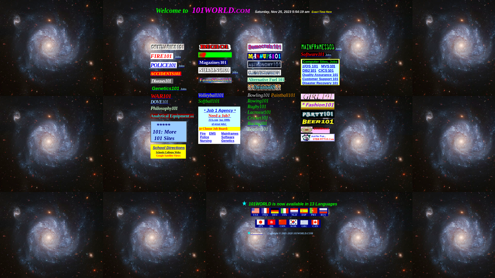 The height and width of the screenshot is (278, 495). I want to click on ' Genetics101', so click(166, 88).